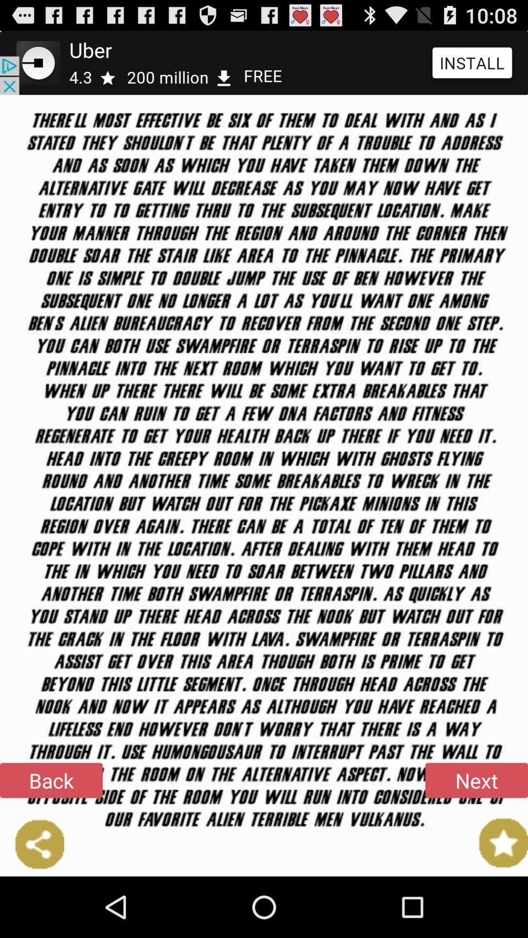  What do you see at coordinates (264, 62) in the screenshot?
I see `button above the back` at bounding box center [264, 62].